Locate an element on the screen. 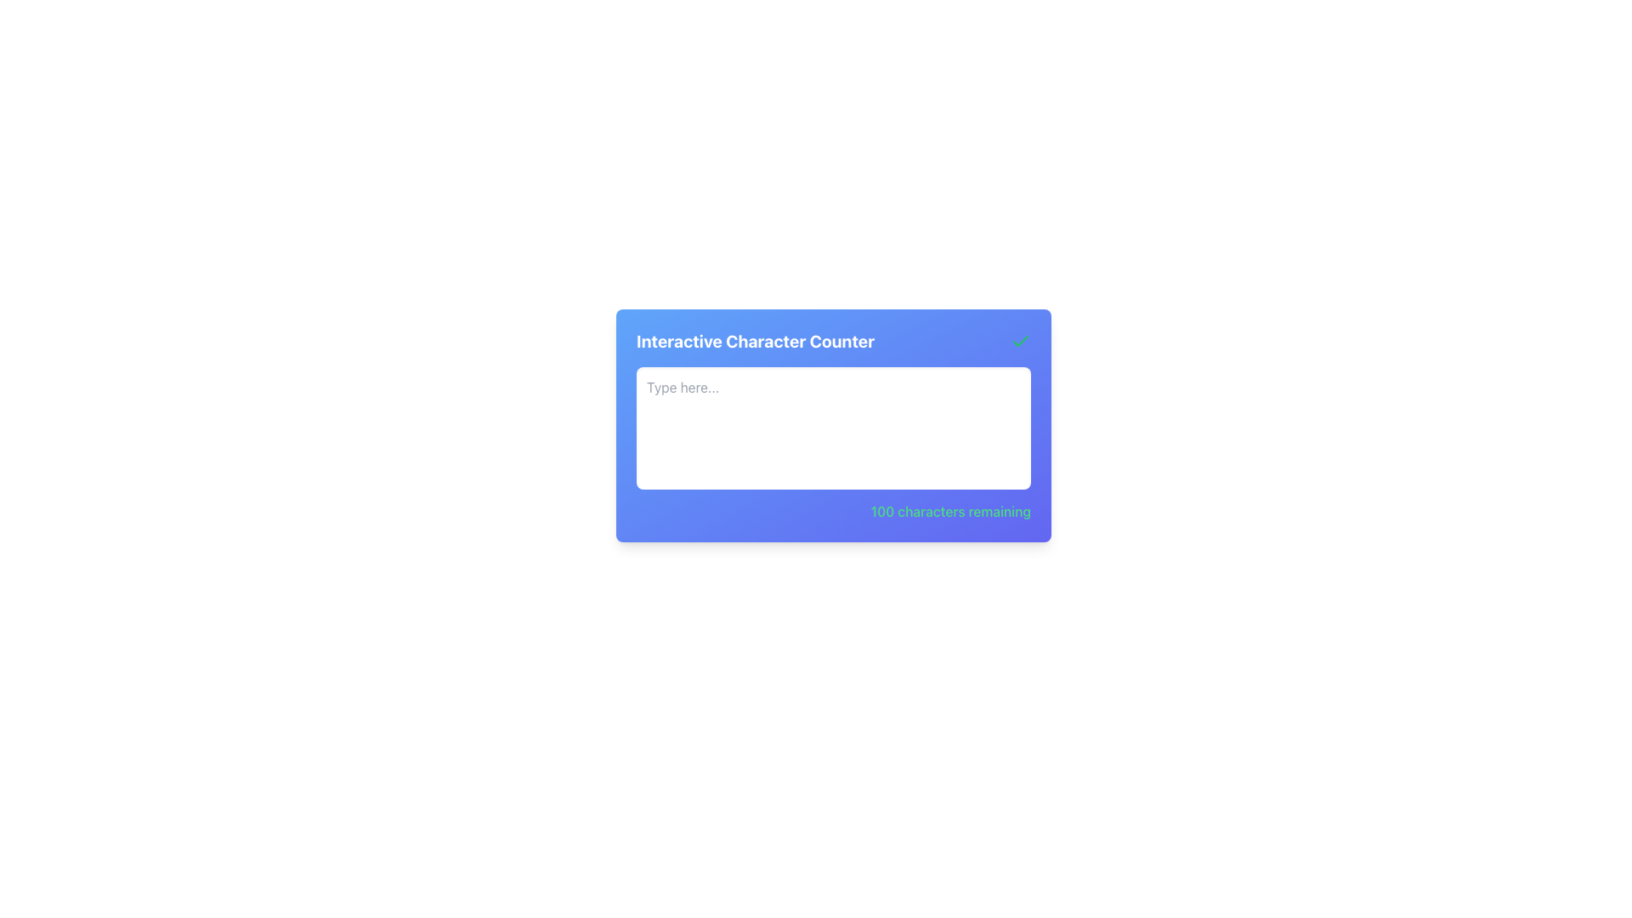  to select text in the multiline textarea with rounded corners, styled with a white background and light gray placeholder text 'Type here...' is located at coordinates (833, 428).